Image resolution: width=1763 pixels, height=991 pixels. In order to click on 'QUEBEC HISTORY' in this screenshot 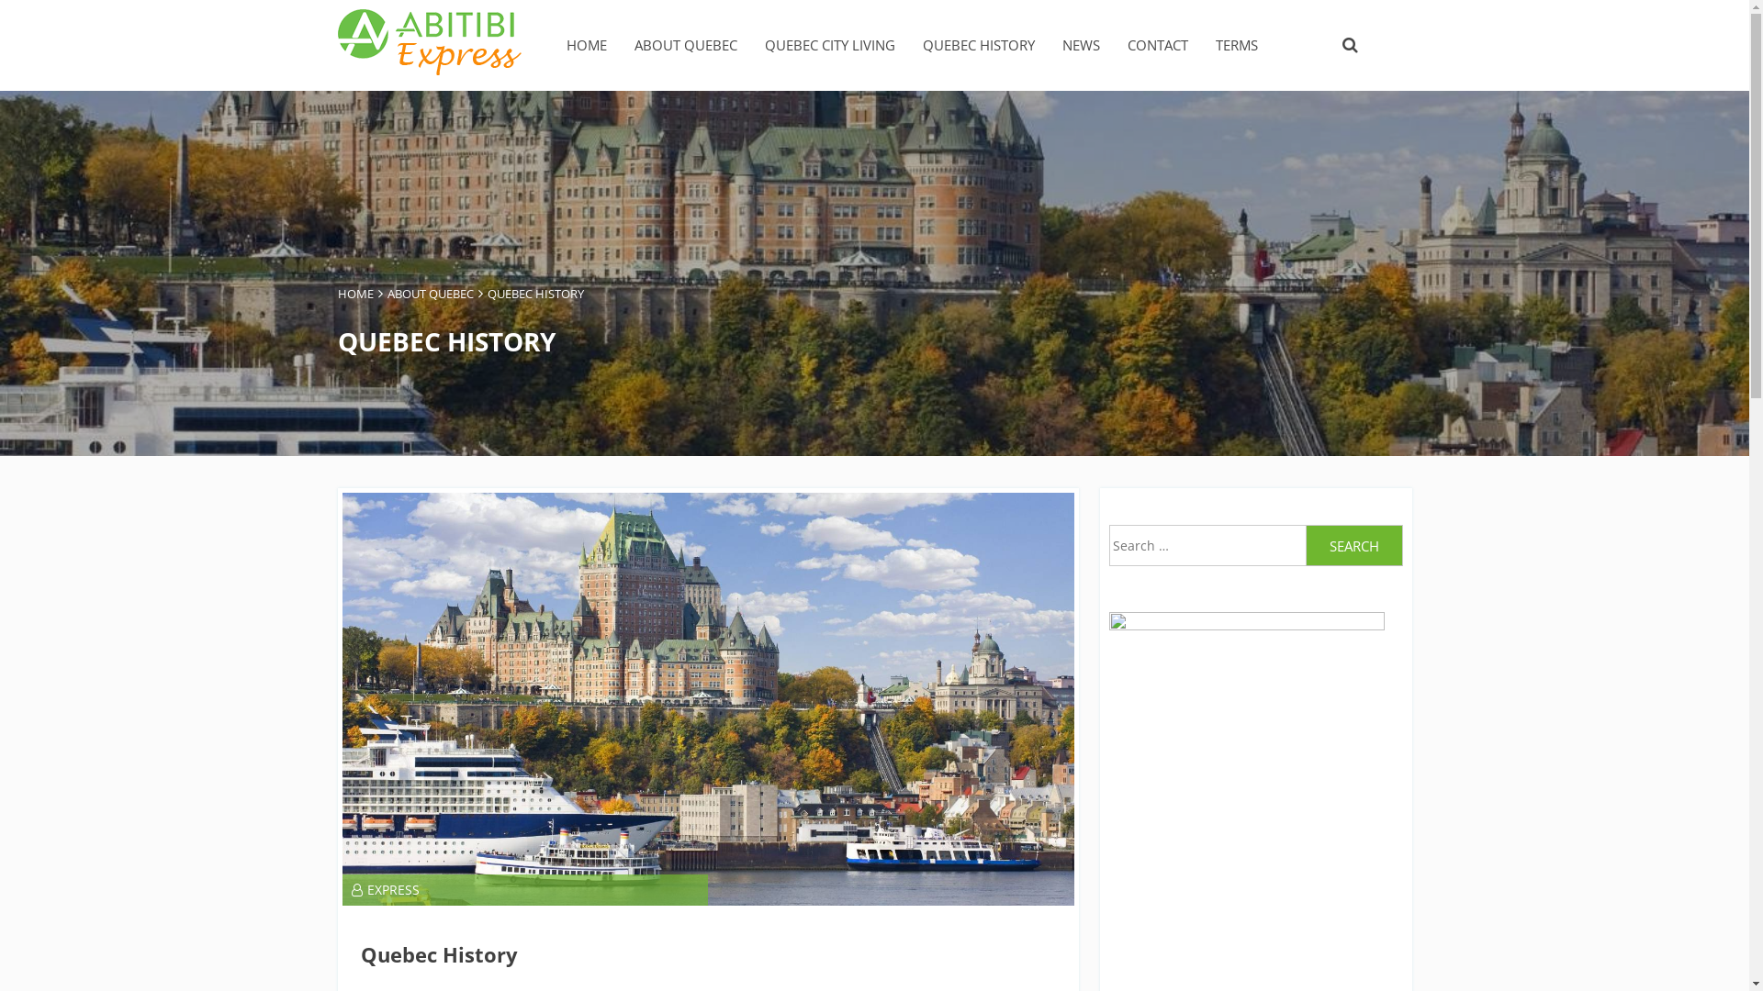, I will do `click(921, 44)`.